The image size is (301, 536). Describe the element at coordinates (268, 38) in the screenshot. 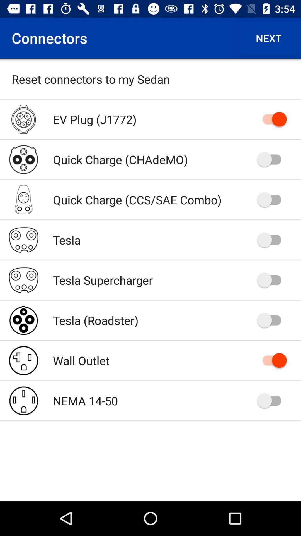

I see `item next to the connectors` at that location.